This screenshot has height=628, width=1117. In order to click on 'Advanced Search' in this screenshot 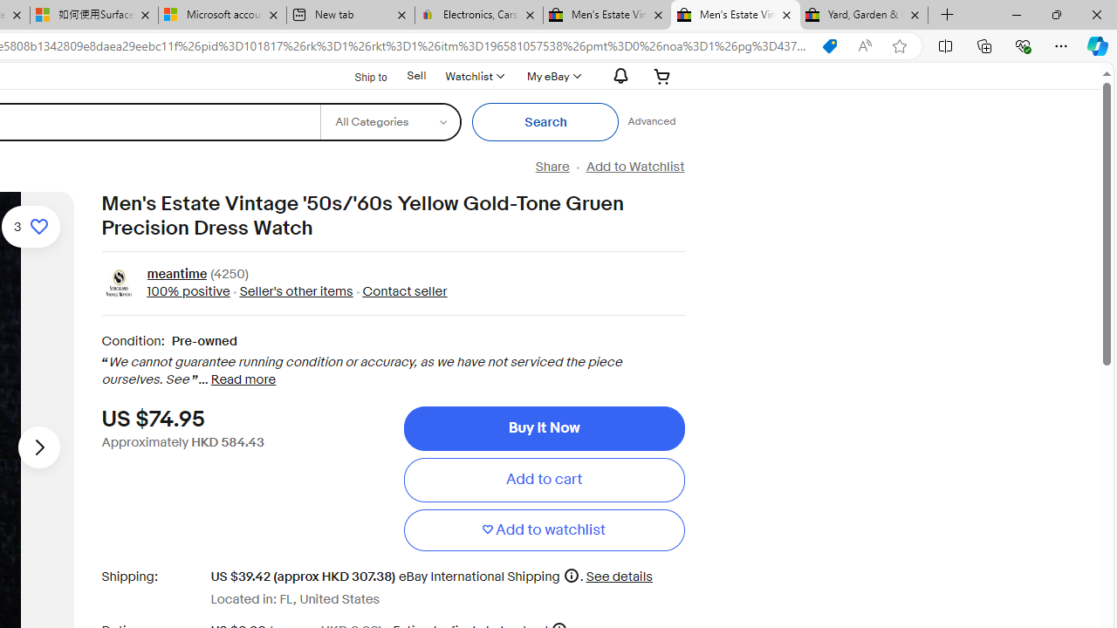, I will do `click(650, 121)`.